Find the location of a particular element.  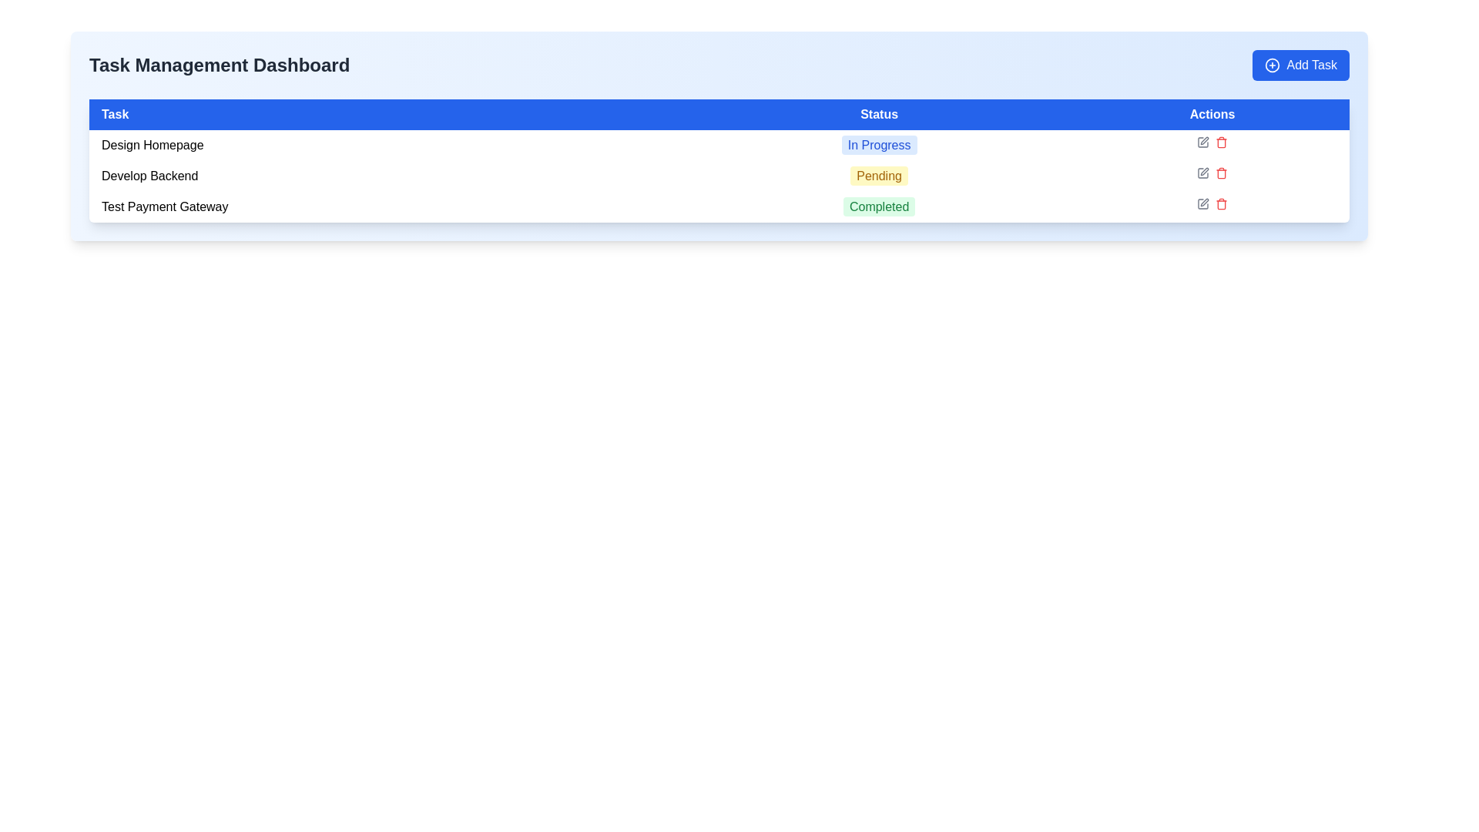

the pen icon button in the 'Actions' column, which is the first icon for the task entry 'Test Payment Gateway' is located at coordinates (1202, 203).